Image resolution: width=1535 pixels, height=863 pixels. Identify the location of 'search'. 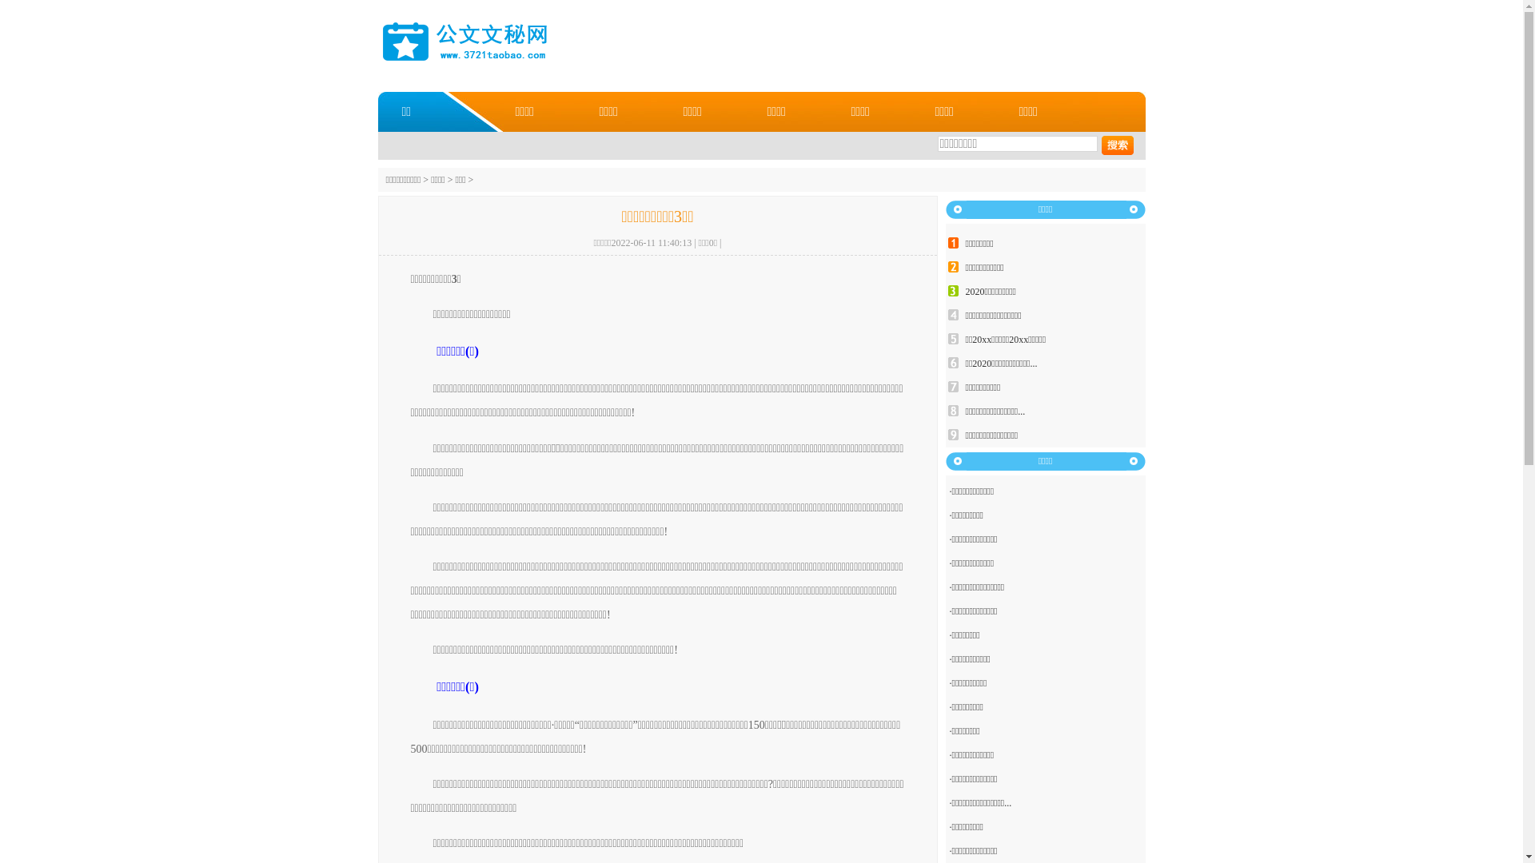
(1100, 145).